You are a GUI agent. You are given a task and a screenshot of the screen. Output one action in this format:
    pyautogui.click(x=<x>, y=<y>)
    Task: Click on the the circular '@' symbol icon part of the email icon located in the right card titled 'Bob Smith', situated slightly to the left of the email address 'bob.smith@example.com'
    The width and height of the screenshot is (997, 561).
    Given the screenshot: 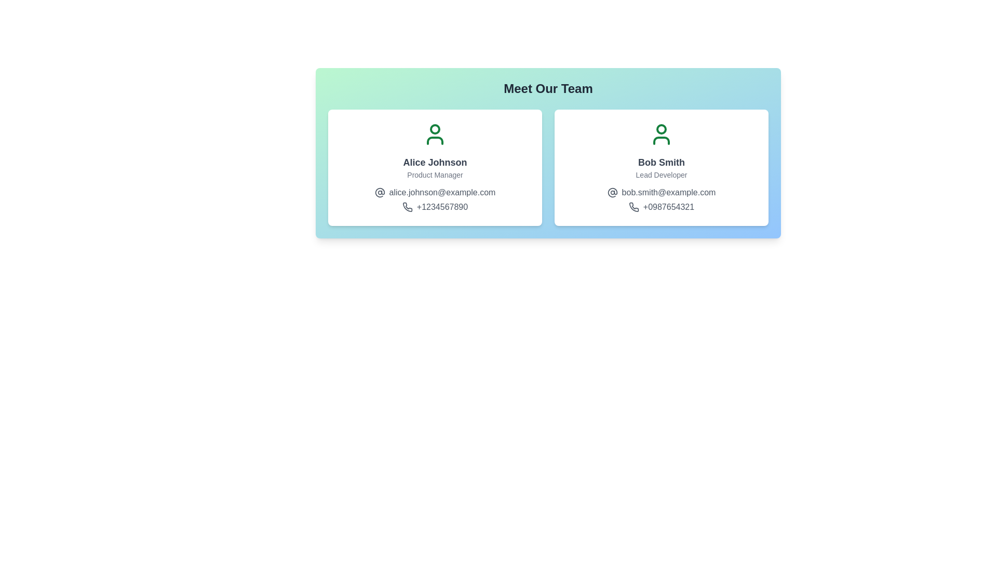 What is the action you would take?
    pyautogui.click(x=612, y=192)
    